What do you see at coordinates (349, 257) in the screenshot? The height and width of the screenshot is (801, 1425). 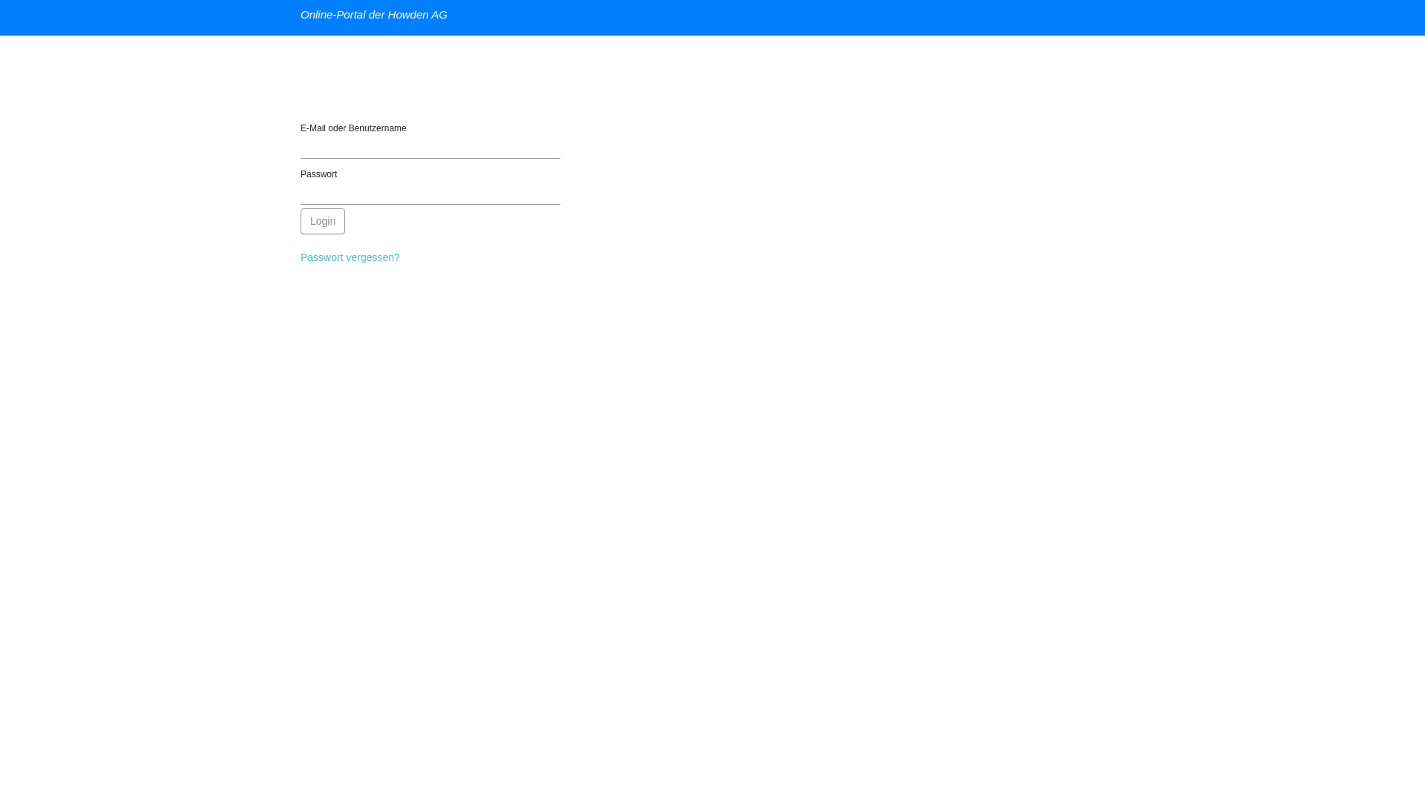 I see `'Passwort vergessen?'` at bounding box center [349, 257].